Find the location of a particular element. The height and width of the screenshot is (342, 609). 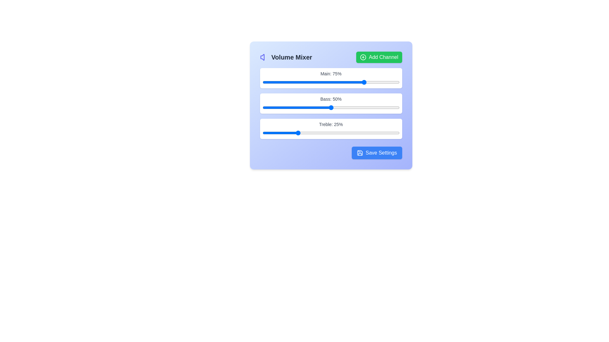

the treble level is located at coordinates (356, 133).